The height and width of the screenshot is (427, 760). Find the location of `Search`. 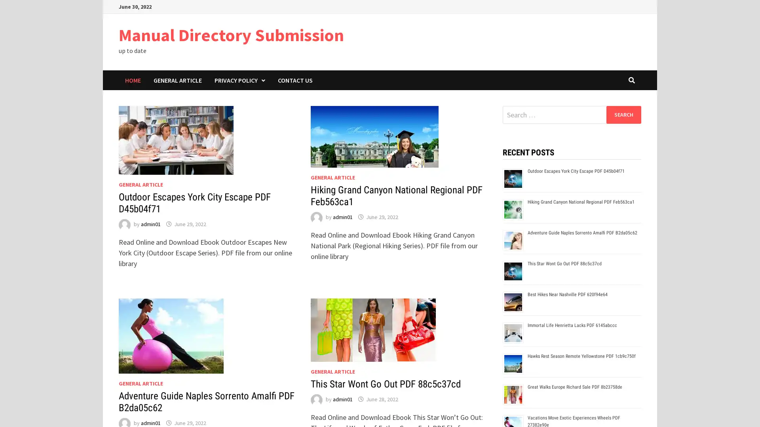

Search is located at coordinates (623, 114).